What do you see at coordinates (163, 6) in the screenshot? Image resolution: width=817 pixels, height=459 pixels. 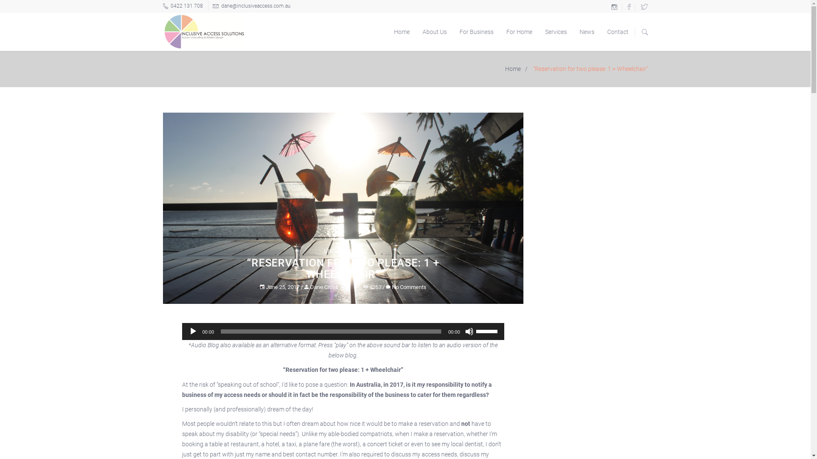 I see `'0422 131 708'` at bounding box center [163, 6].